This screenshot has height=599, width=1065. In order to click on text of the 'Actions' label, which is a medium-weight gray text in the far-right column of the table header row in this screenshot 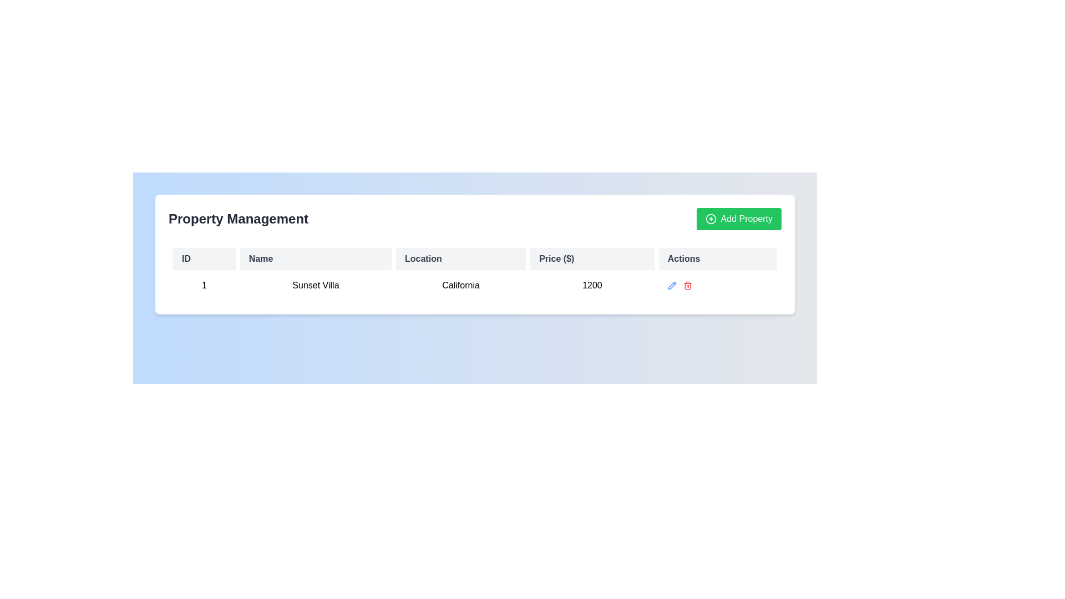, I will do `click(718, 258)`.